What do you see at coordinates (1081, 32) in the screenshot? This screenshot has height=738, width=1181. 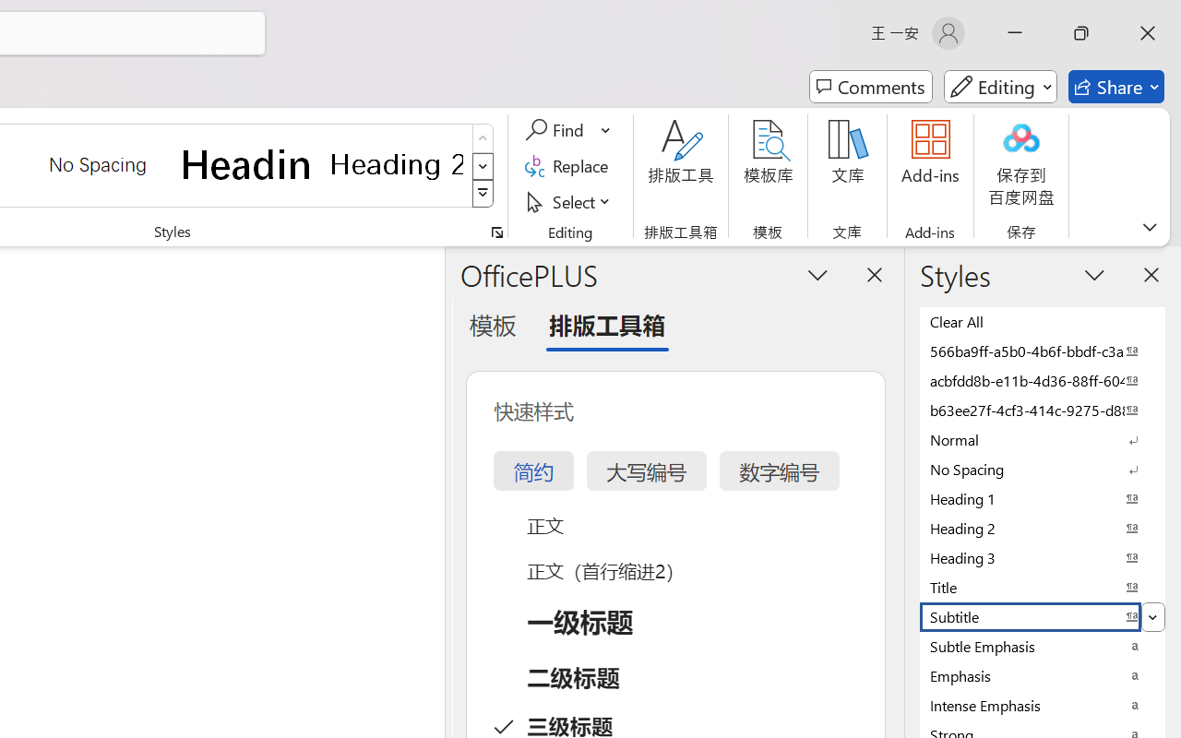 I see `'Restore Down'` at bounding box center [1081, 32].